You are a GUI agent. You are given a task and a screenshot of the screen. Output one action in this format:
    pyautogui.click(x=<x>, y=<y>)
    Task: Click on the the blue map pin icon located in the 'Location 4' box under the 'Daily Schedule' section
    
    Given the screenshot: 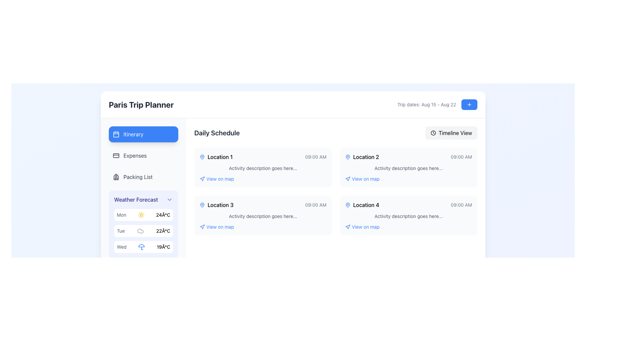 What is the action you would take?
    pyautogui.click(x=347, y=204)
    